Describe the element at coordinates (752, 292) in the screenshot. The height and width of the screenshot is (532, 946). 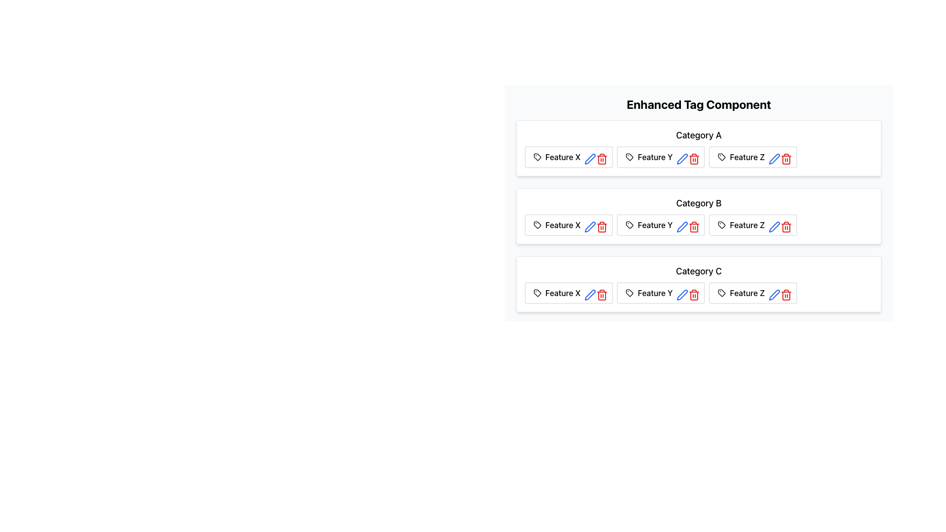
I see `the 'Feature Z' button, which is a rectangular button with a cyan border and background, located within 'Category C' as the third button in its row` at that location.